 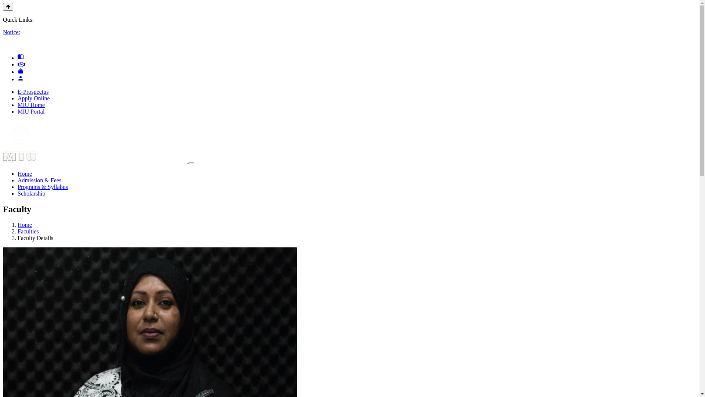 I want to click on 'Scholarship', so click(x=31, y=193).